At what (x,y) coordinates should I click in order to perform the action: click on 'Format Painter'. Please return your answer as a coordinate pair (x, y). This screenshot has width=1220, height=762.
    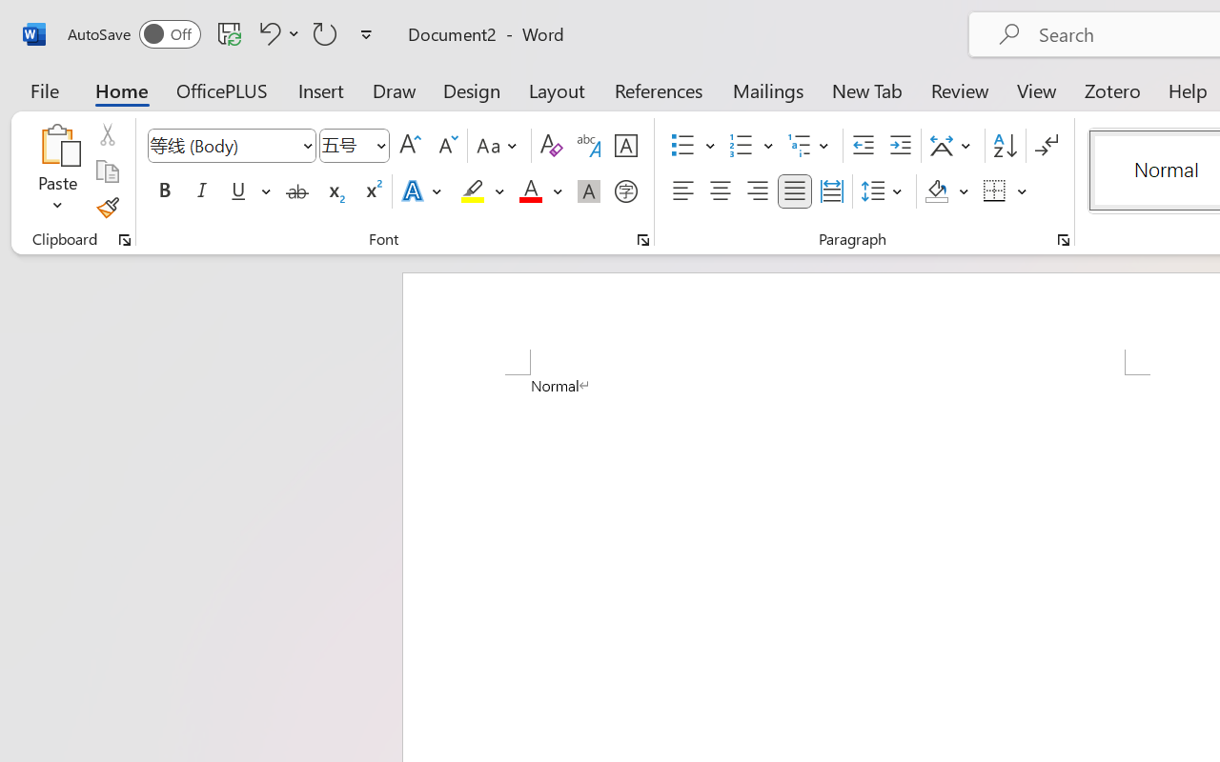
    Looking at the image, I should click on (106, 208).